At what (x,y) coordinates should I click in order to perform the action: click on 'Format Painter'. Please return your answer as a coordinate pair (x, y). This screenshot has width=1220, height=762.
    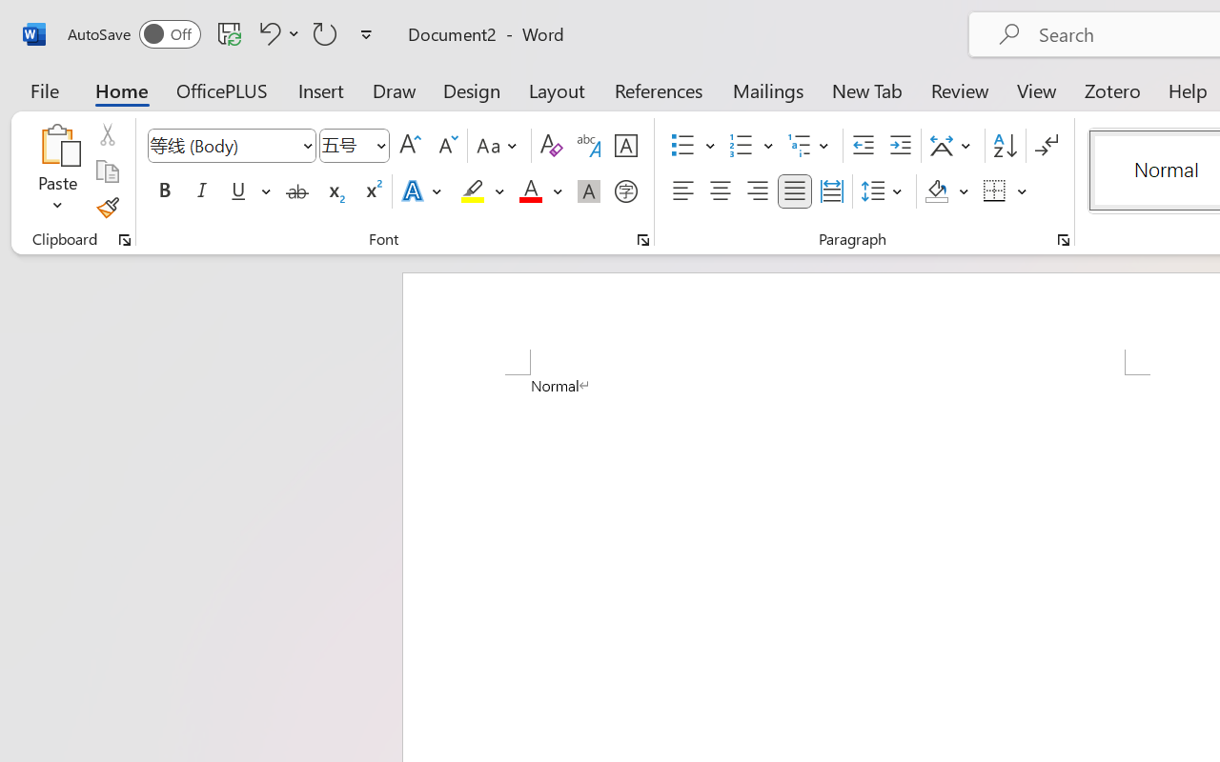
    Looking at the image, I should click on (106, 208).